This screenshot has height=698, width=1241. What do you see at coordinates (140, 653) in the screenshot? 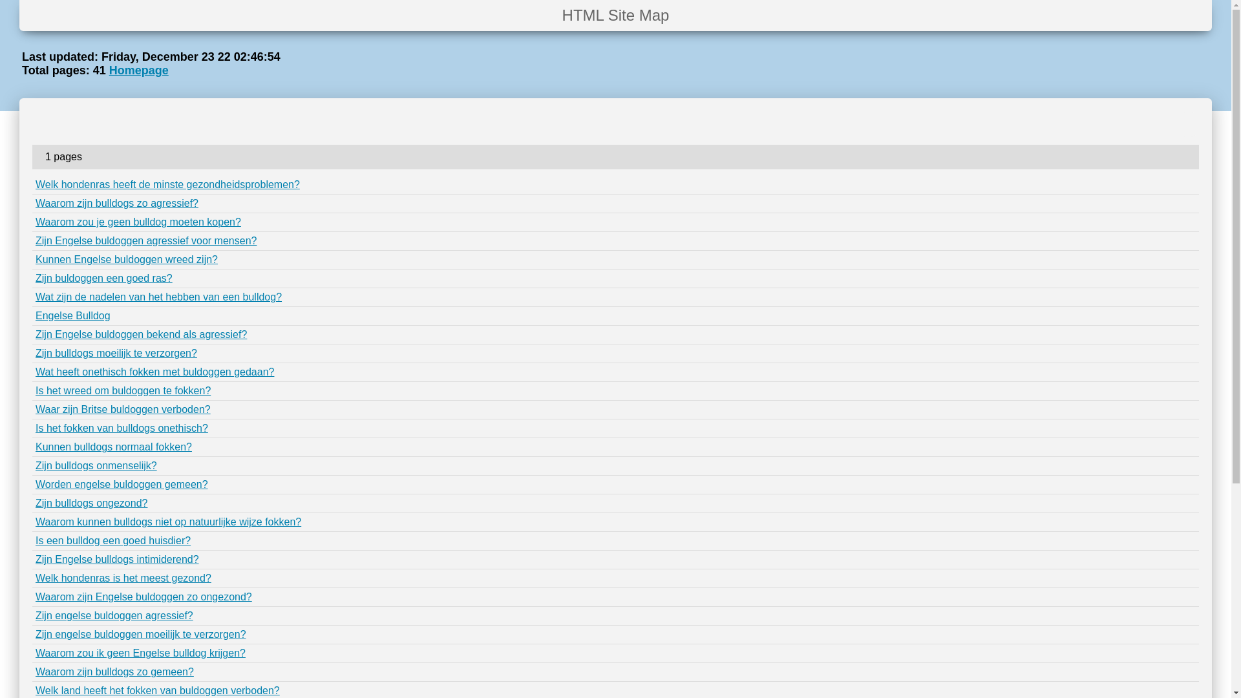
I see `'Waarom zou ik geen Engelse bulldog krijgen?'` at bounding box center [140, 653].